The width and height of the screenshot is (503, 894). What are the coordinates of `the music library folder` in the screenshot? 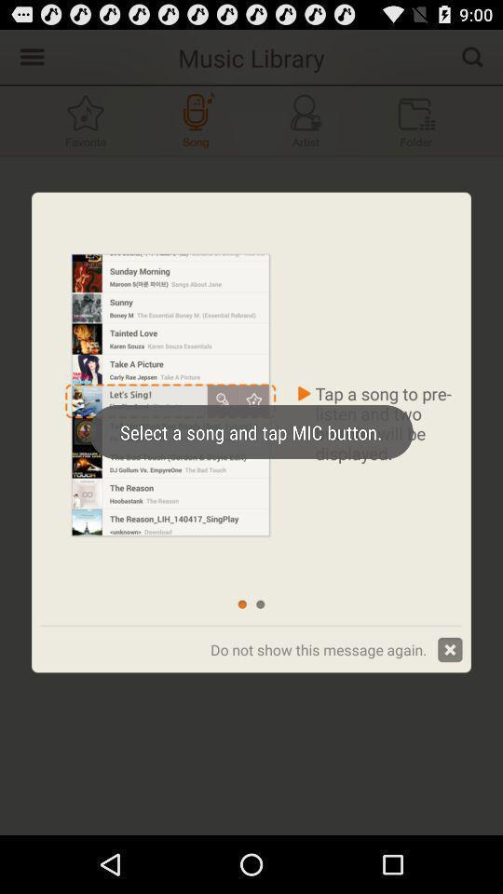 It's located at (416, 119).